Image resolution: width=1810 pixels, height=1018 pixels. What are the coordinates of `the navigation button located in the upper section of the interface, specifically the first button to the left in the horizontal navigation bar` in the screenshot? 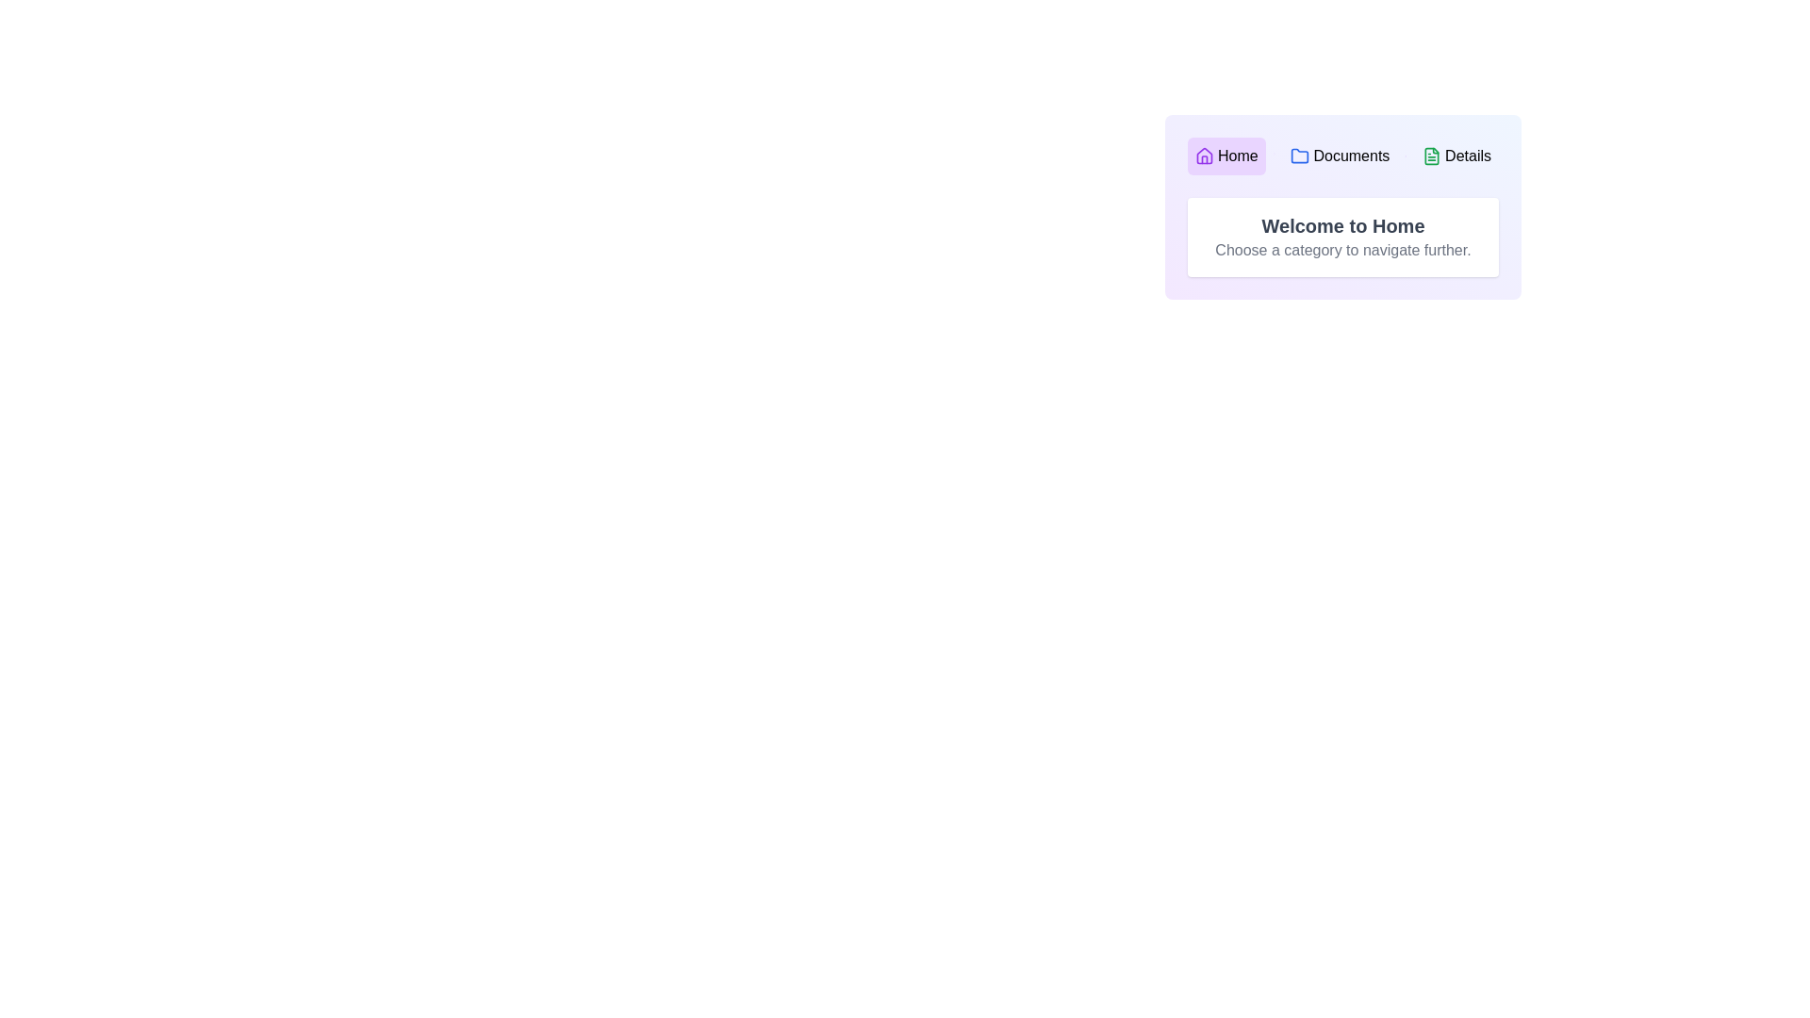 It's located at (1226, 155).